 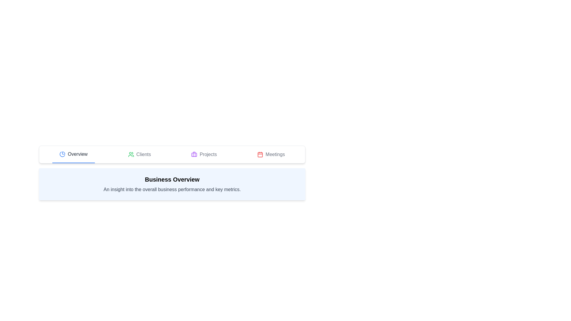 I want to click on the 'Meetings' navigation item located in the horizontal navigation bar, which is the fourth item from the left, to trigger potential visual feedback, so click(x=271, y=154).